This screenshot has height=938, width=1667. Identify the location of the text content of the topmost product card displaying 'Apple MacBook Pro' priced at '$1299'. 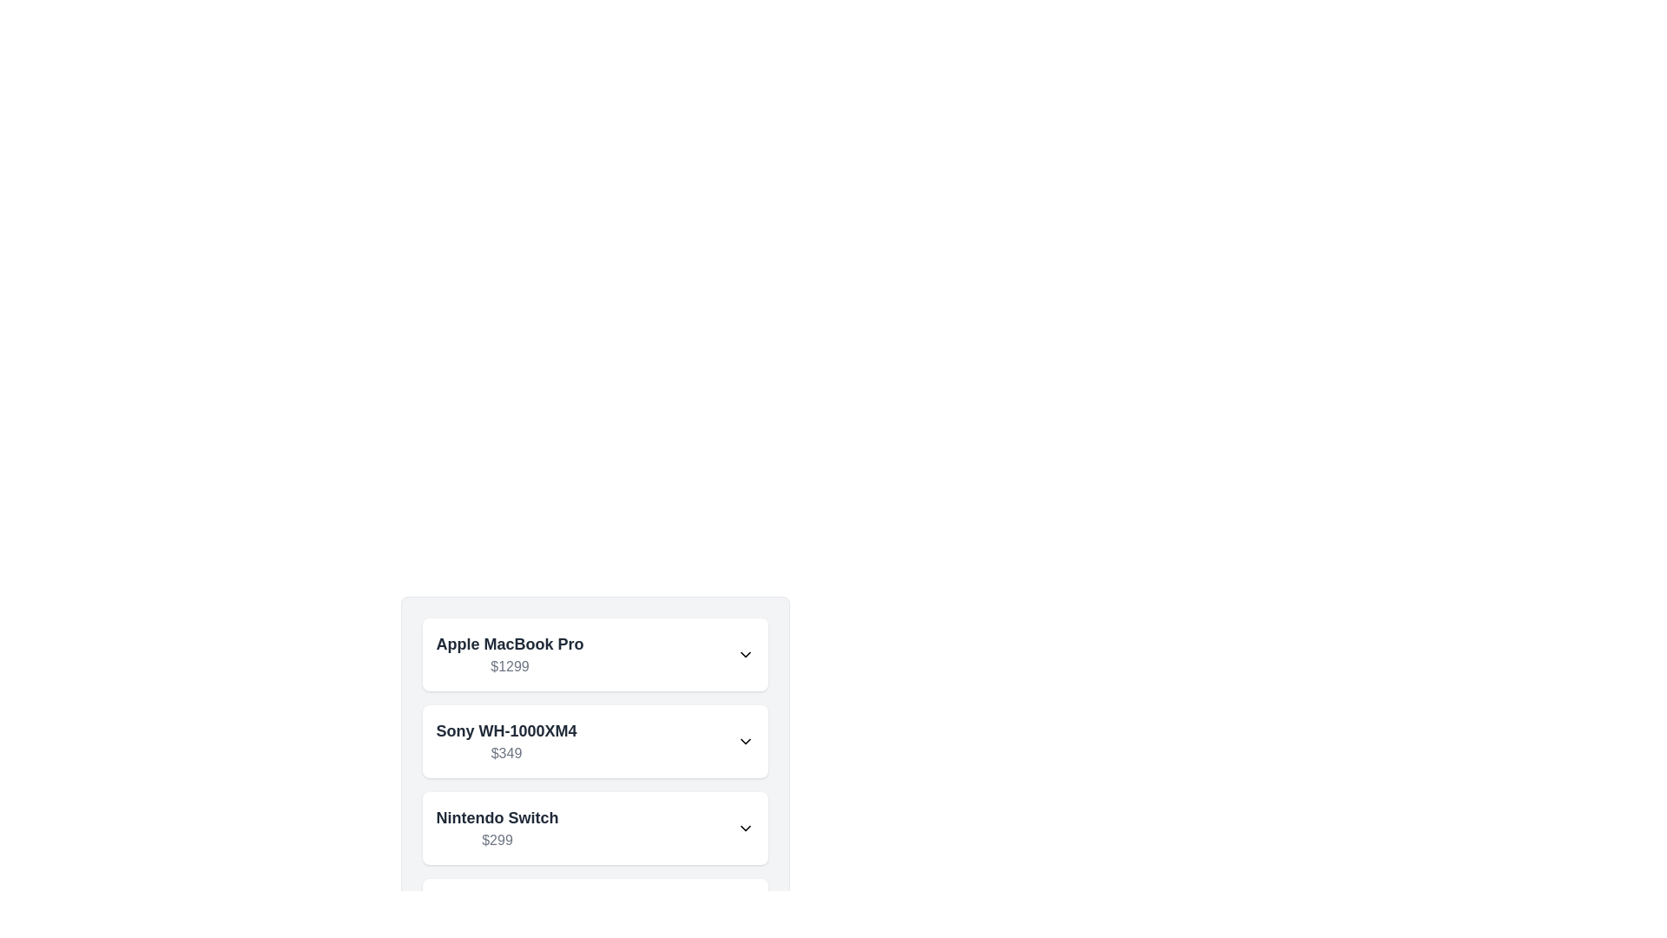
(595, 654).